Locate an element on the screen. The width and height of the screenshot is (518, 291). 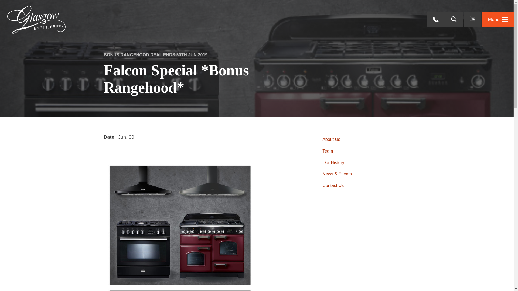
'Your Cart' is located at coordinates (472, 19).